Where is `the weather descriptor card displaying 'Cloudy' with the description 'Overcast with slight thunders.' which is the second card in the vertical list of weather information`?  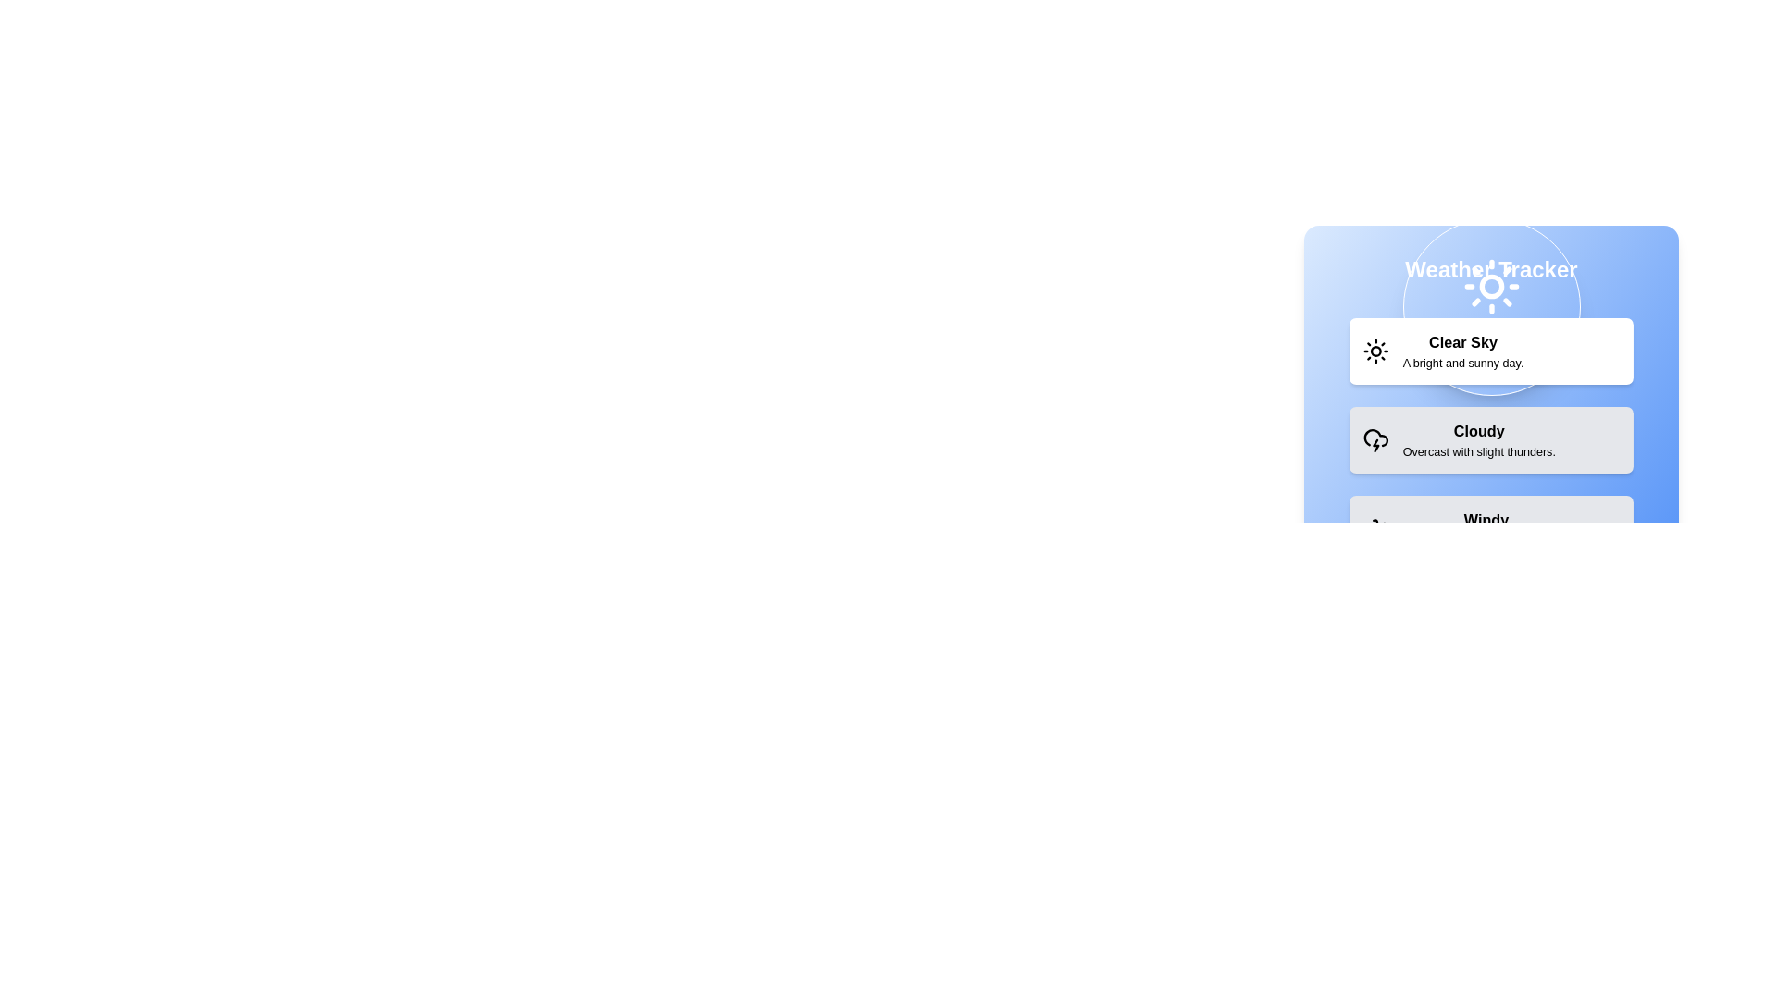 the weather descriptor card displaying 'Cloudy' with the description 'Overcast with slight thunders.' which is the second card in the vertical list of weather information is located at coordinates (1478, 439).